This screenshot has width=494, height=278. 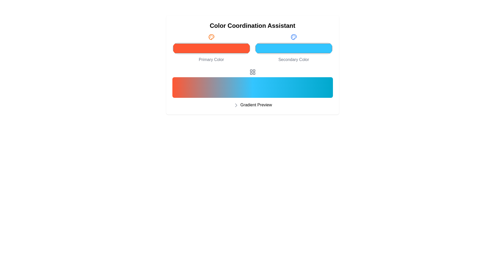 I want to click on the static gradient bar, which transitions from red on the left to cyan on the right, located below the 'Primary Color' and 'Secondary Color' buttons and above the 'Gradient Preview' text, so click(x=252, y=87).